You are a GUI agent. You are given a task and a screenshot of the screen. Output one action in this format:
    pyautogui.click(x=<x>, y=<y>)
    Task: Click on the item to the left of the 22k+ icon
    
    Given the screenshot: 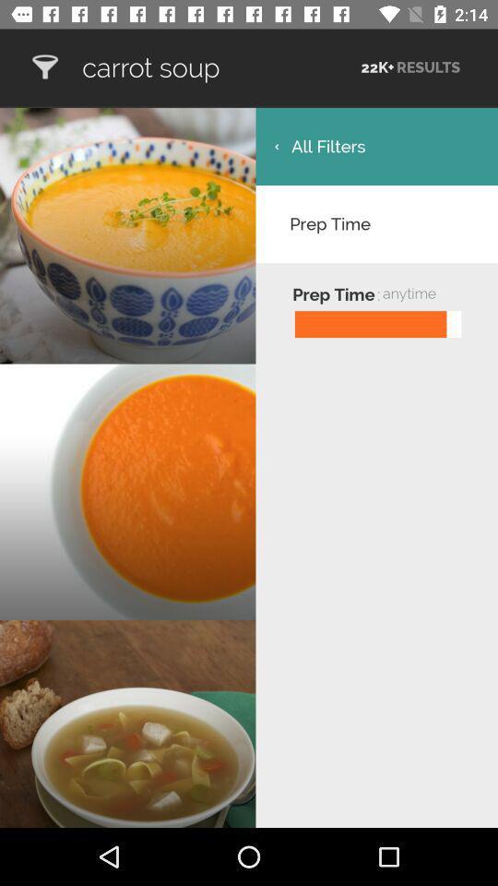 What is the action you would take?
    pyautogui.click(x=219, y=67)
    